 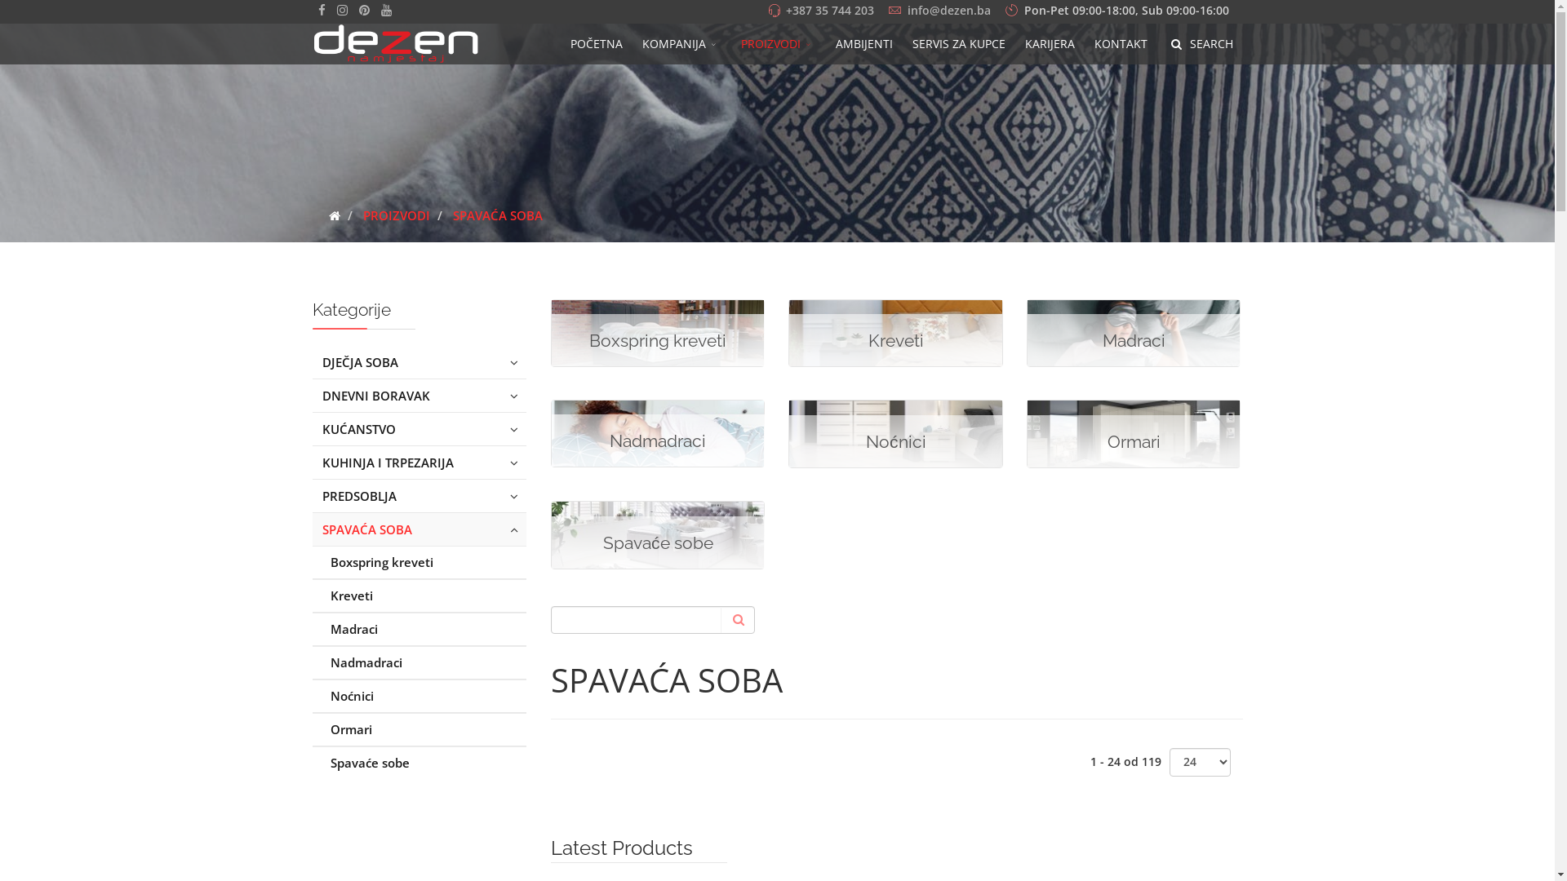 What do you see at coordinates (1156, 43) in the screenshot?
I see `'SEARCH'` at bounding box center [1156, 43].